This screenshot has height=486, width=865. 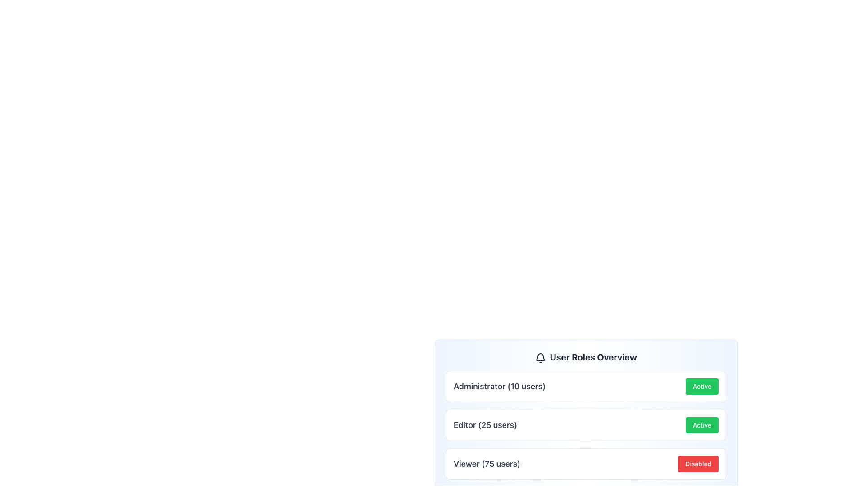 I want to click on the notification bell icon located to the left of the text 'User Roles Overview', which is styled with black outlines and an empty interior, so click(x=541, y=357).